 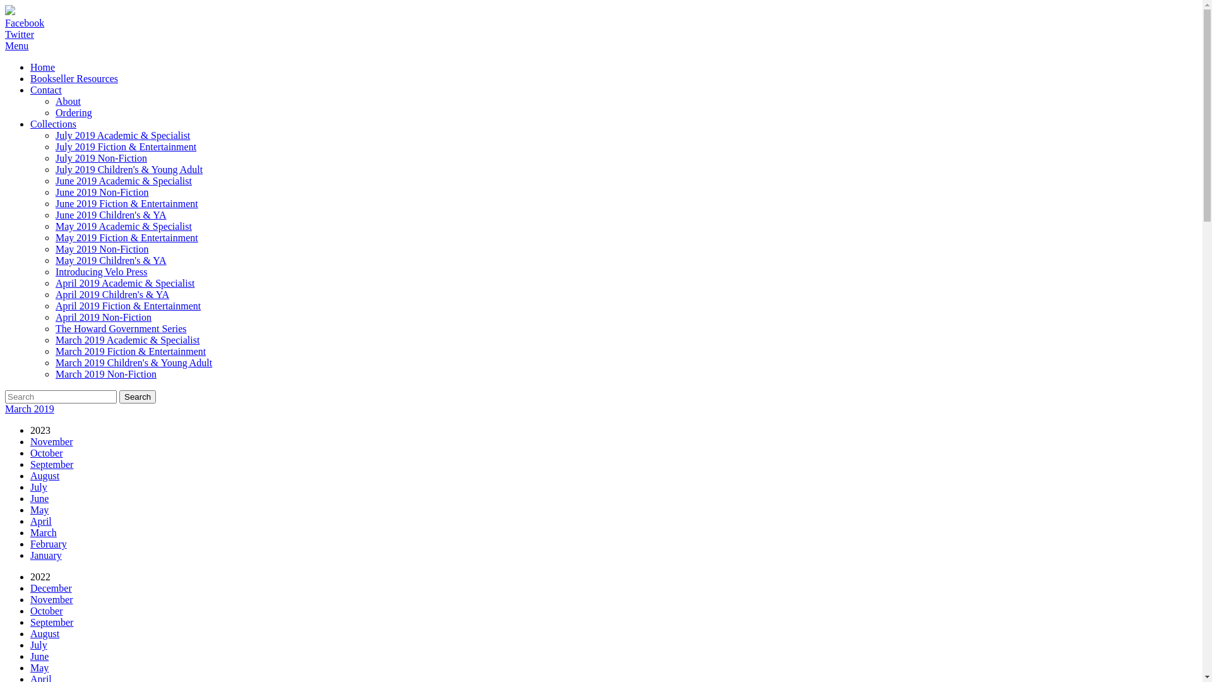 I want to click on 'July', so click(x=39, y=486).